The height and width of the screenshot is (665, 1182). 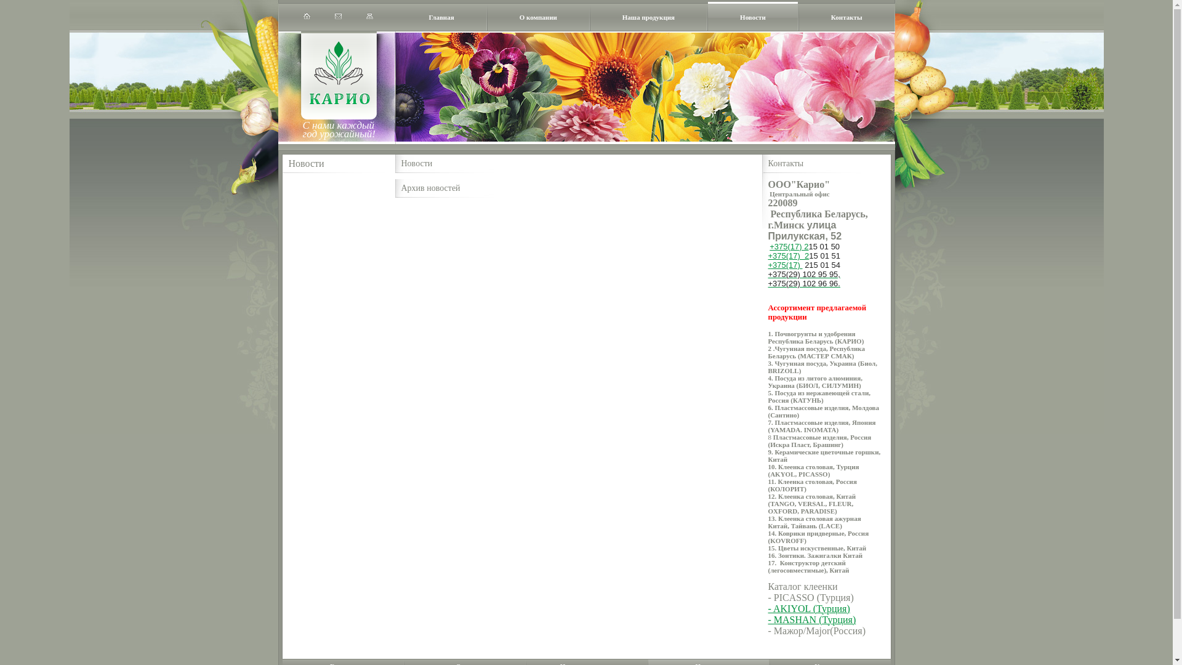 I want to click on '+375(17) ', so click(x=785, y=264).